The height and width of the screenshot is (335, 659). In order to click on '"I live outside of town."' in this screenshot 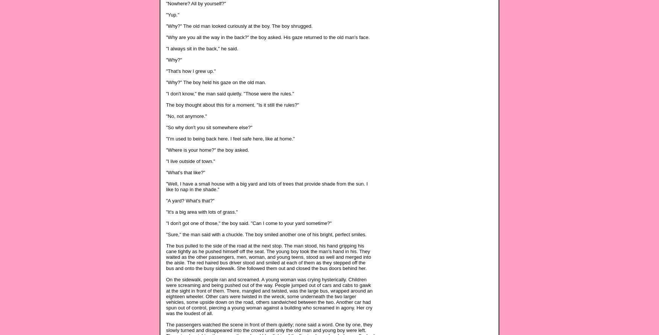, I will do `click(166, 160)`.